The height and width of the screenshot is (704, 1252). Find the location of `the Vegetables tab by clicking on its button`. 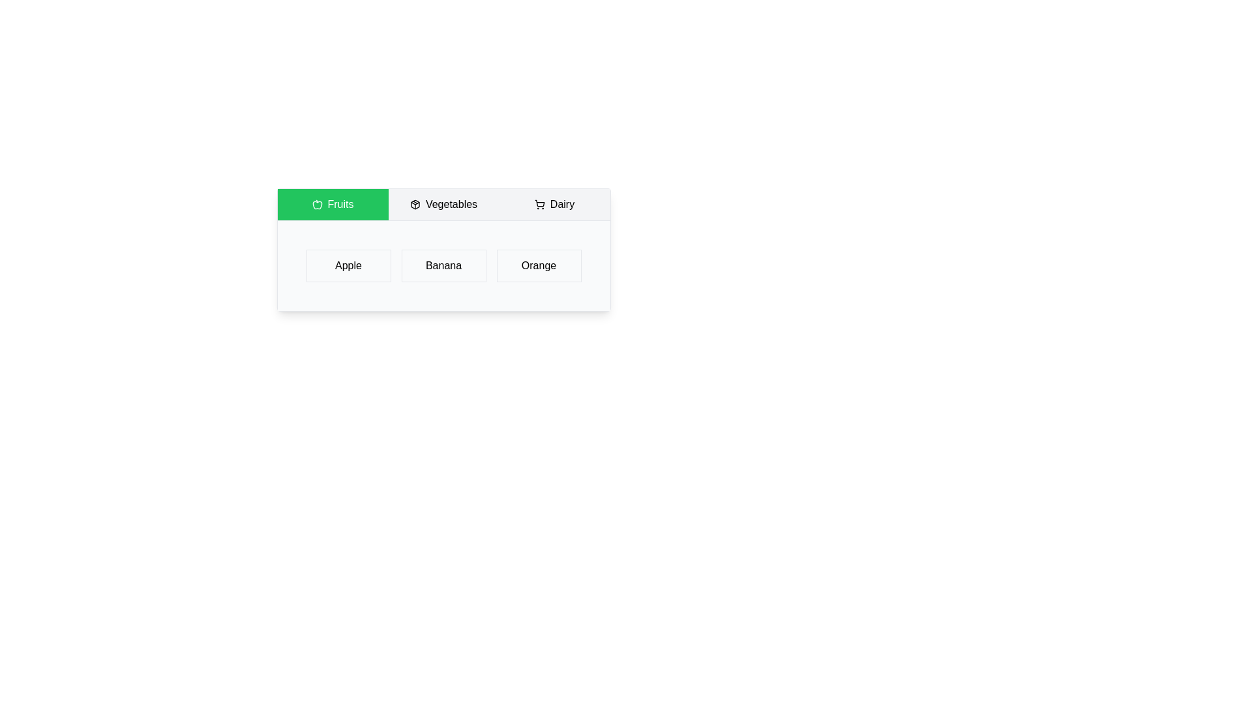

the Vegetables tab by clicking on its button is located at coordinates (443, 204).